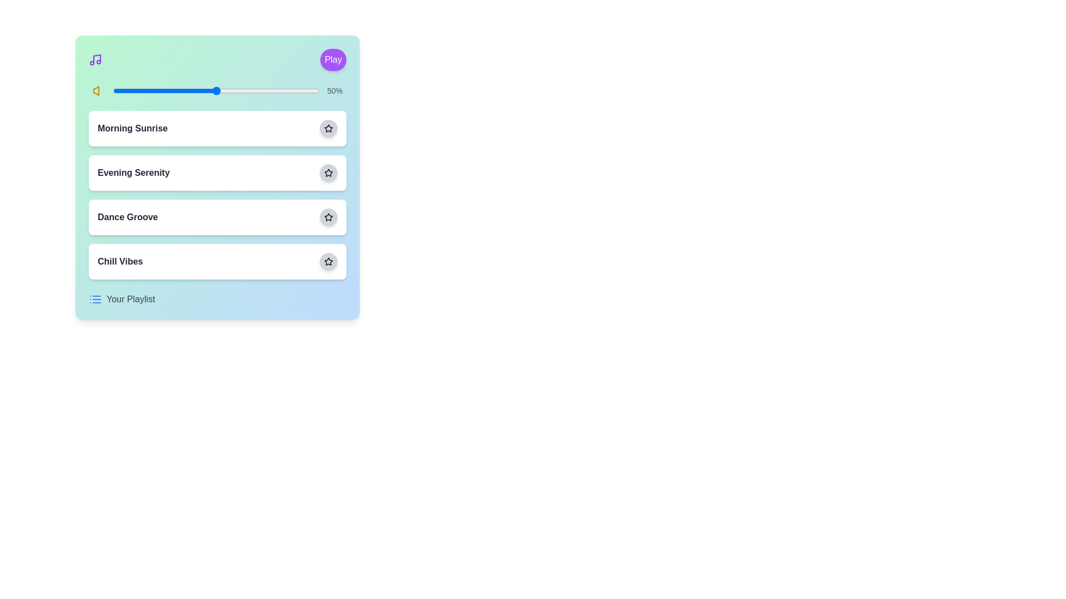 The width and height of the screenshot is (1066, 599). I want to click on the text label displaying 'Morning Sunrise' in dark gray, which is prominently placed on a white background at the top of the list of containers, so click(133, 128).